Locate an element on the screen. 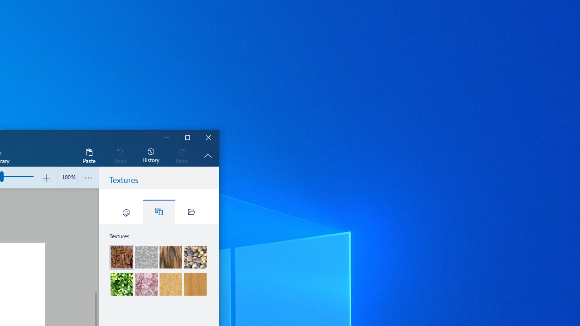  'Paste' is located at coordinates (89, 155).